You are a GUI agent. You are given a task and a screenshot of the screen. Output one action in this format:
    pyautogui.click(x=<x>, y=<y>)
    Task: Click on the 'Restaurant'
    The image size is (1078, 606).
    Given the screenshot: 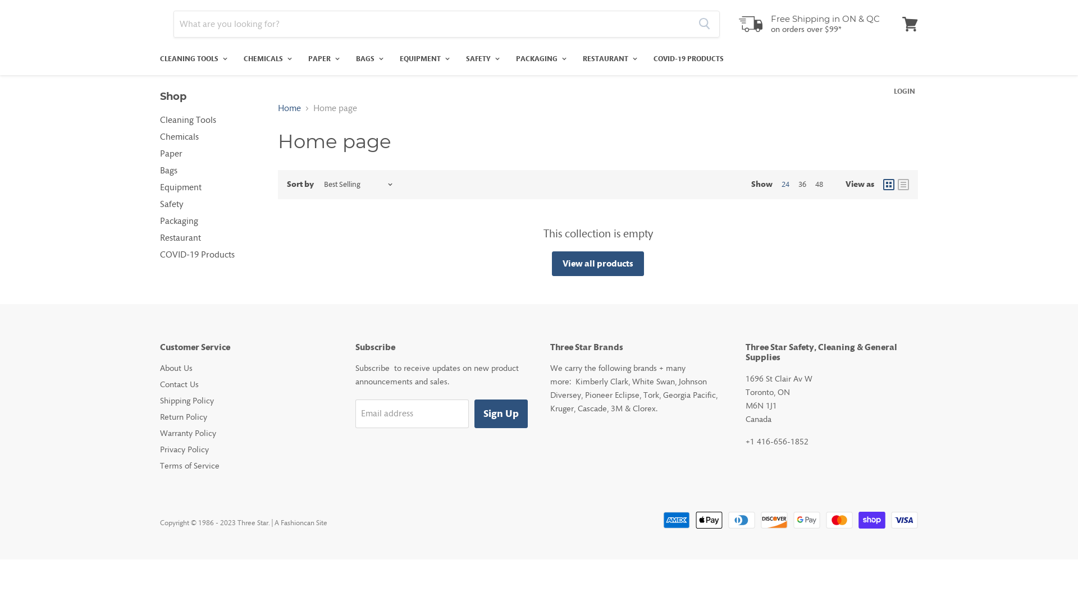 What is the action you would take?
    pyautogui.click(x=159, y=237)
    